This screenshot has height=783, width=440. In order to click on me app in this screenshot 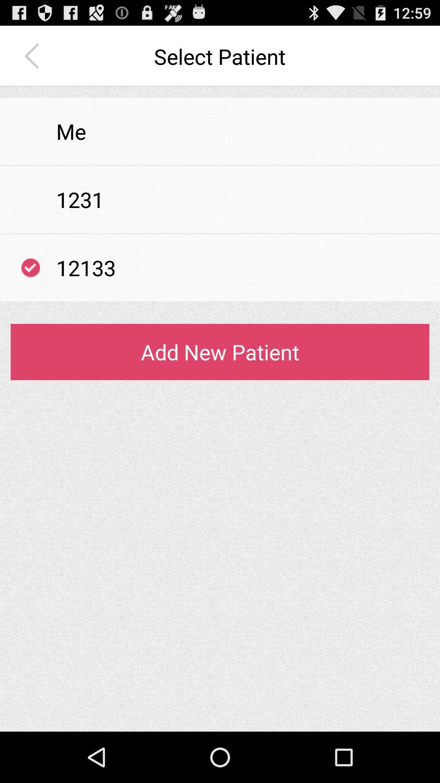, I will do `click(70, 131)`.